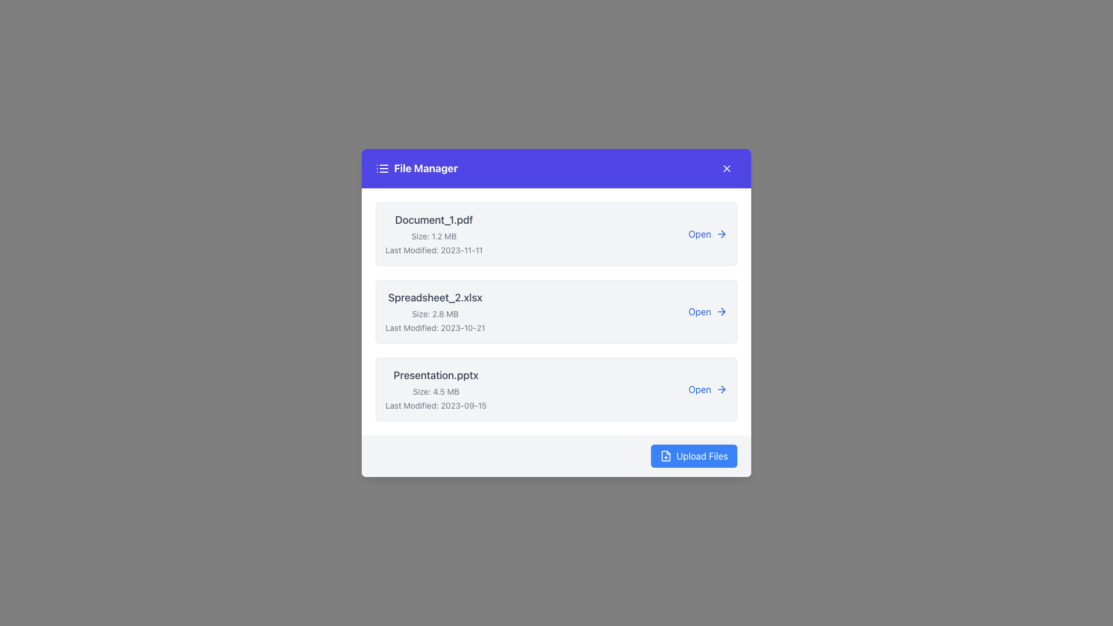 The height and width of the screenshot is (626, 1113). I want to click on the 'close' button located in the top-right corner of the purple header bar labeled 'File Manager', which allows users to exit or dismiss the file manager, so click(726, 168).